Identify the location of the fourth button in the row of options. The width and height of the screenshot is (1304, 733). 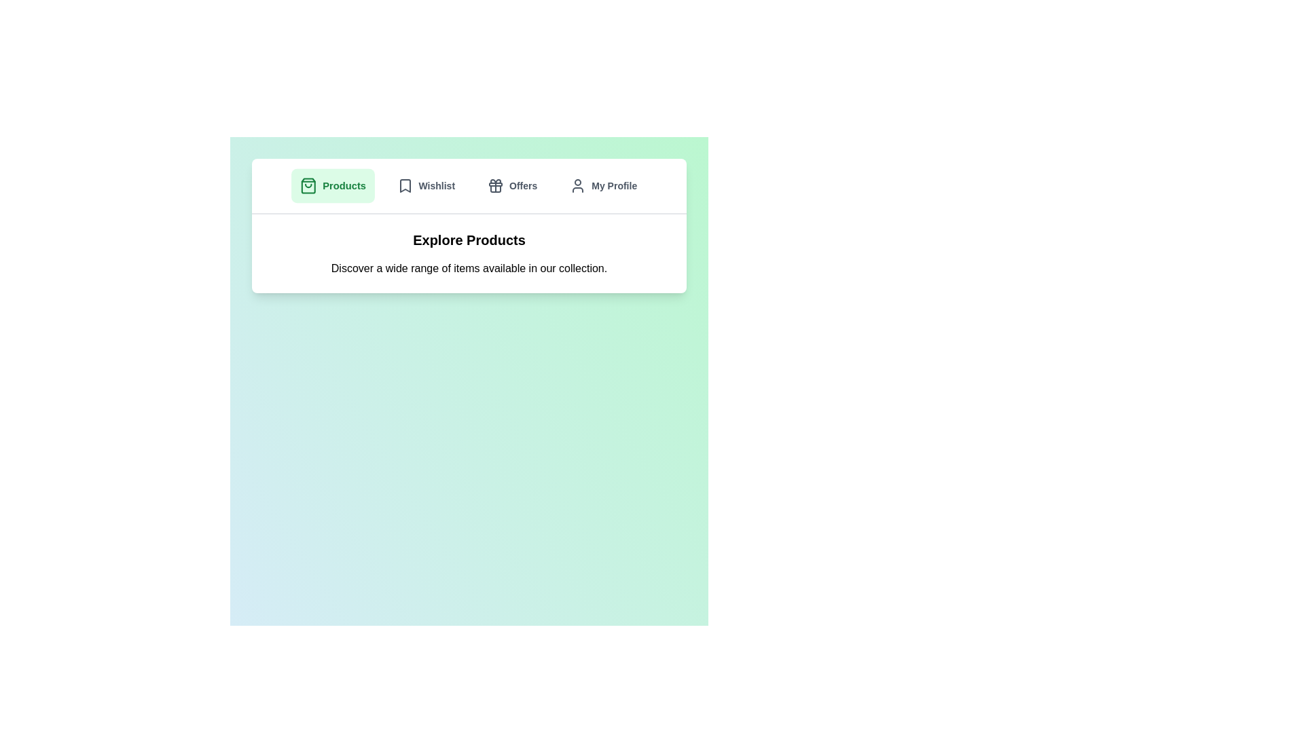
(602, 185).